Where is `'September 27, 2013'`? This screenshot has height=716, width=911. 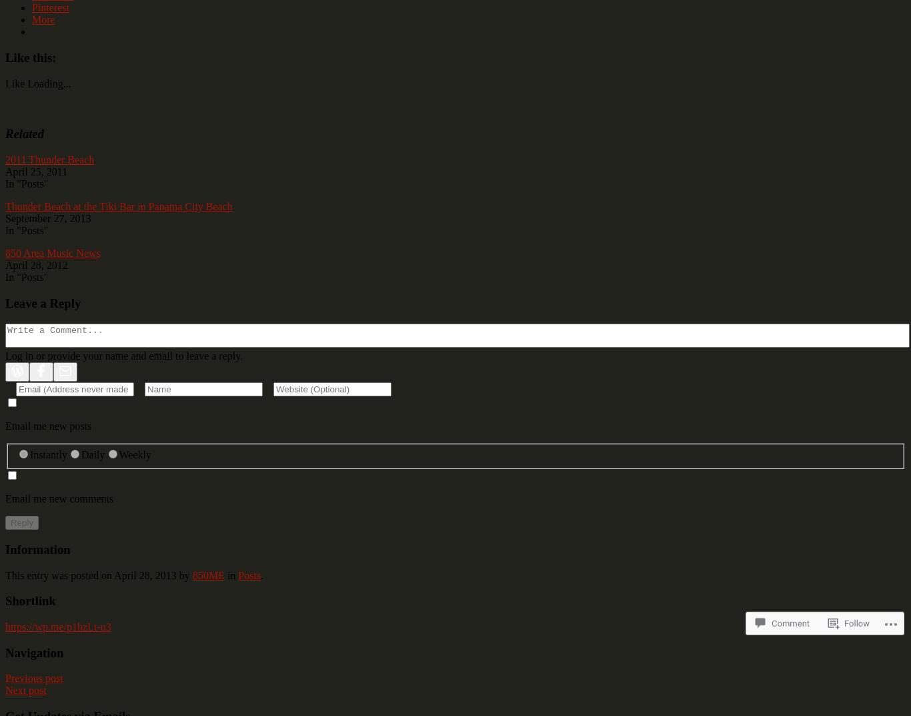
'September 27, 2013' is located at coordinates (47, 218).